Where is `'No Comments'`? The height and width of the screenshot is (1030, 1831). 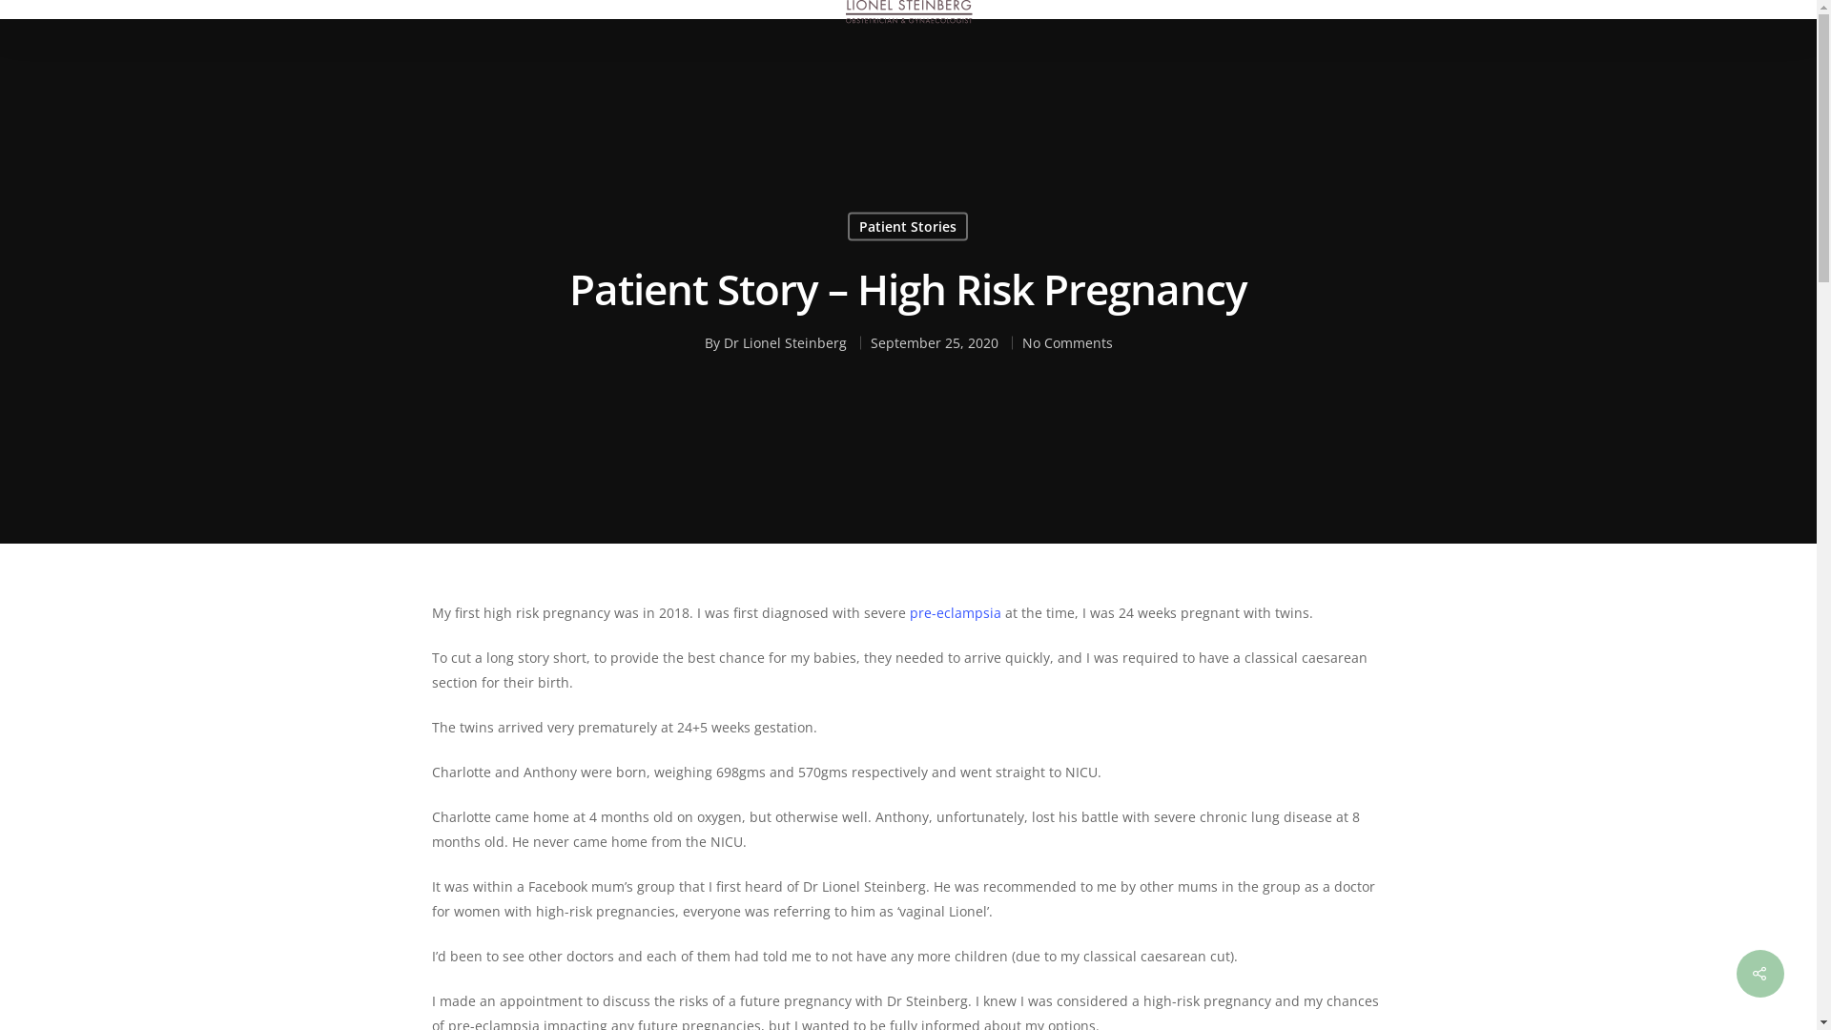 'No Comments' is located at coordinates (1066, 341).